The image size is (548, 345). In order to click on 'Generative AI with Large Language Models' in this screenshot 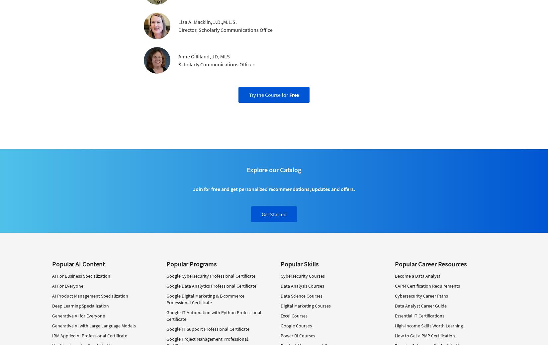, I will do `click(94, 325)`.